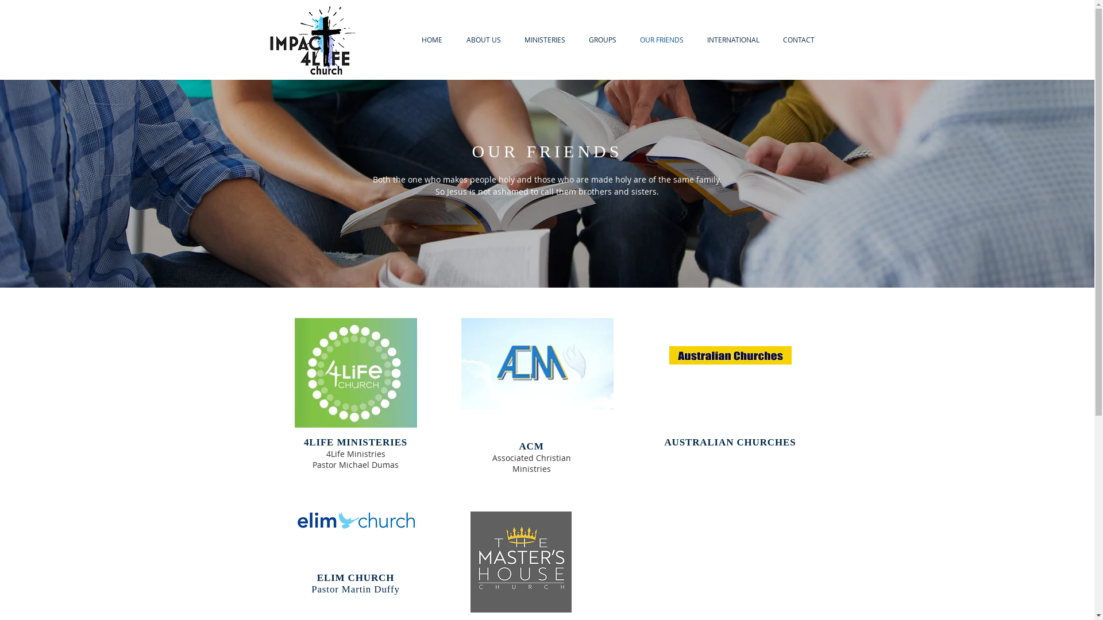 The image size is (1103, 620). What do you see at coordinates (798, 39) in the screenshot?
I see `'CONTACT'` at bounding box center [798, 39].